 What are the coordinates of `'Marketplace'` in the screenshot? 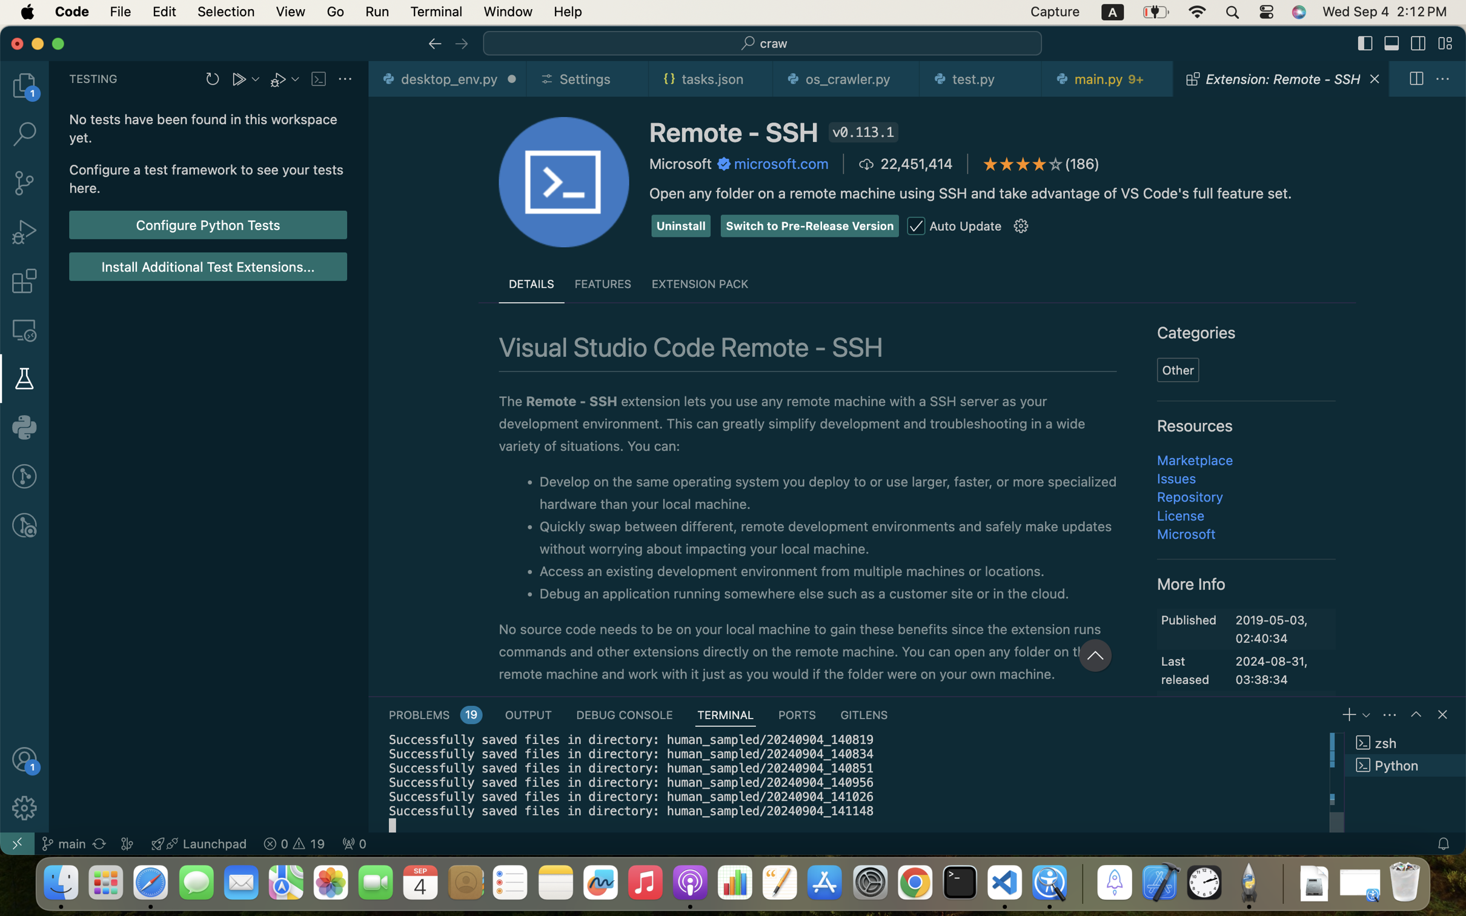 It's located at (1195, 459).